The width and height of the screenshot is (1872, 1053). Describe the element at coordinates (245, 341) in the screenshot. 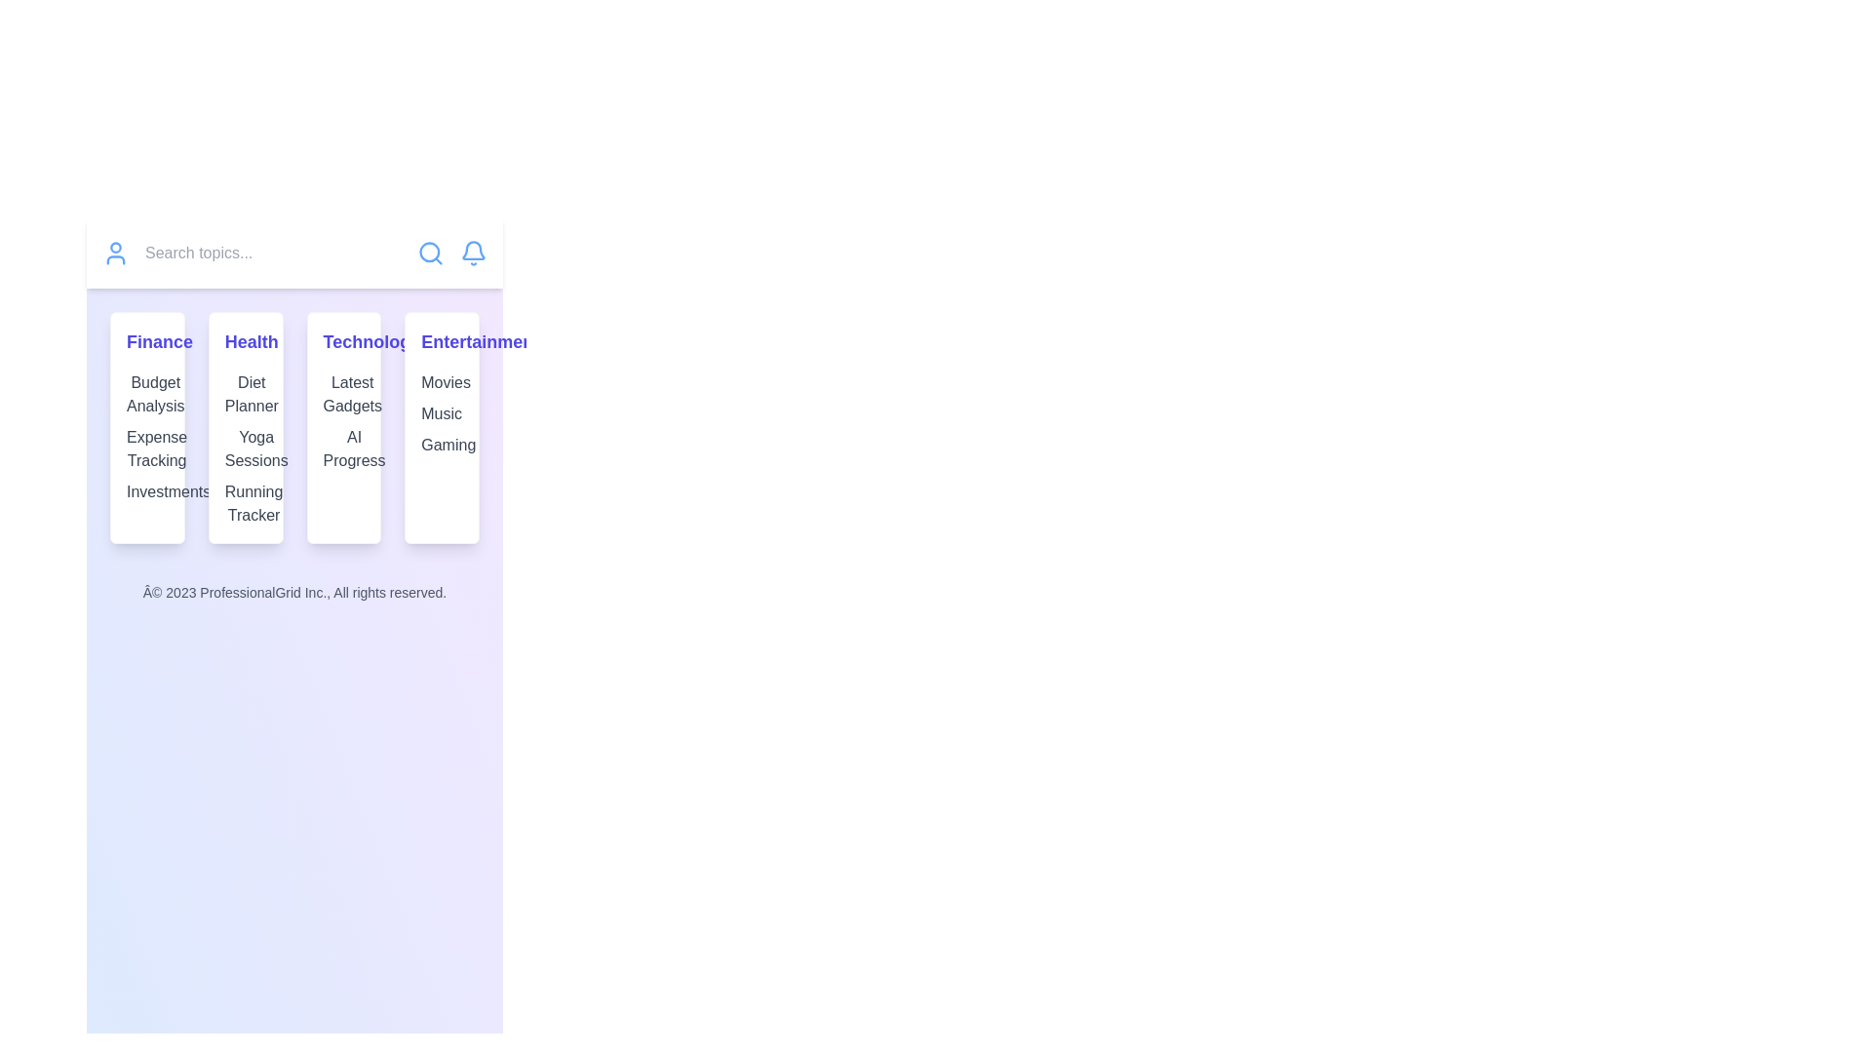

I see `the 'Health' title located at the top center of the second card in a grid layout` at that location.